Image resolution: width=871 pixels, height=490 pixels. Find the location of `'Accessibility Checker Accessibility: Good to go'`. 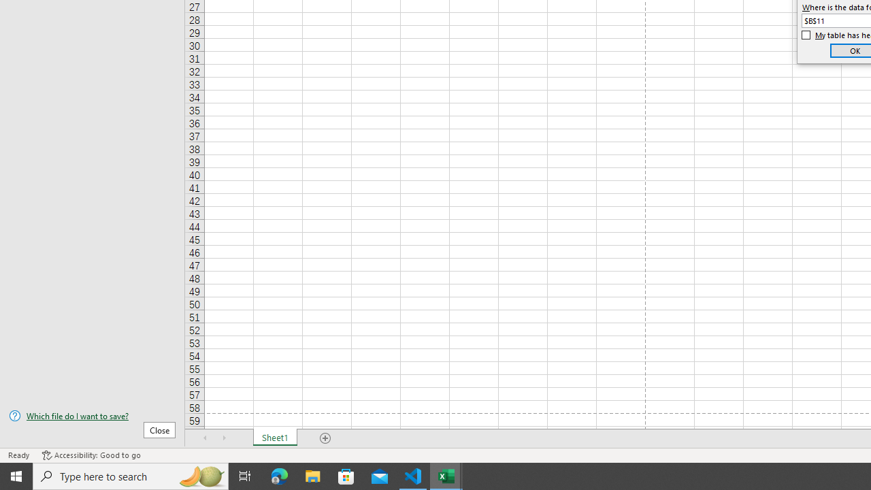

'Accessibility Checker Accessibility: Good to go' is located at coordinates (91, 455).